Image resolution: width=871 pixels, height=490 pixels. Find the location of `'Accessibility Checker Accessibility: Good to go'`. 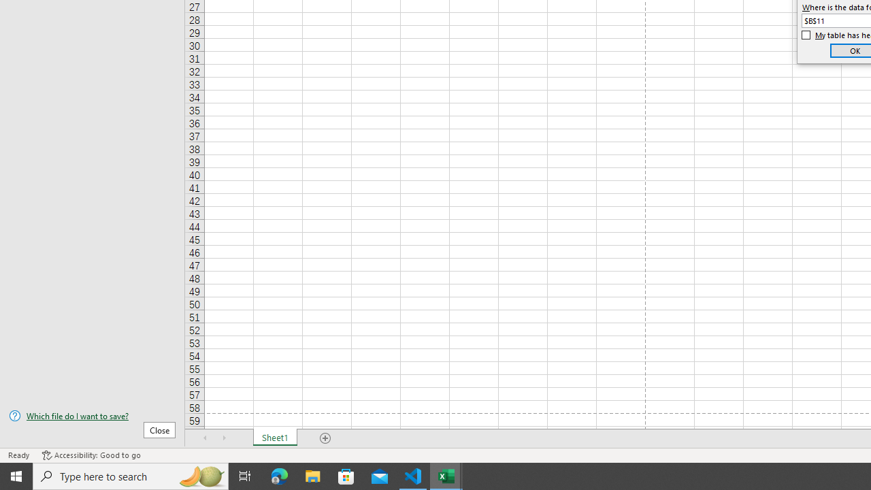

'Accessibility Checker Accessibility: Good to go' is located at coordinates (91, 455).